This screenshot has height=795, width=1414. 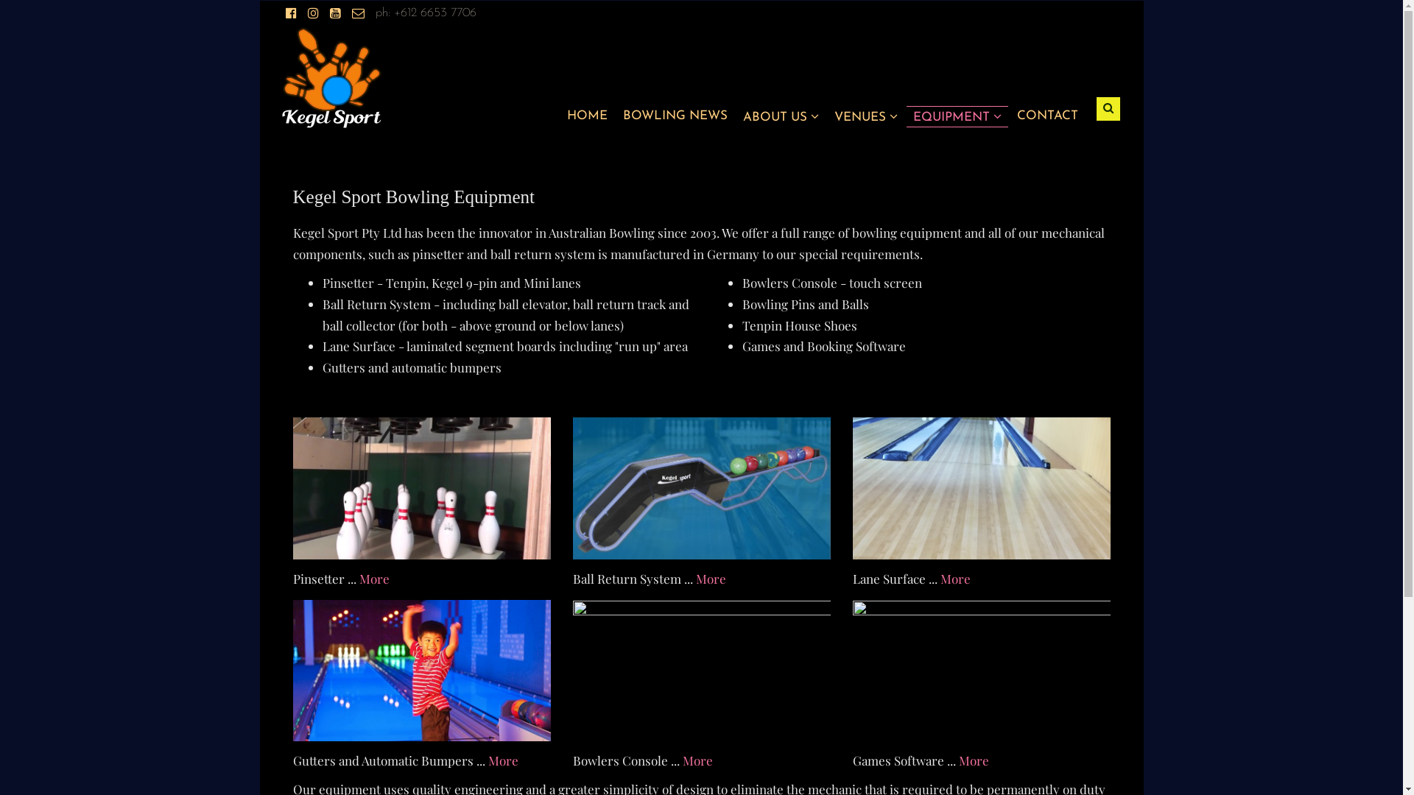 I want to click on 'EQUIPMENT', so click(x=912, y=116).